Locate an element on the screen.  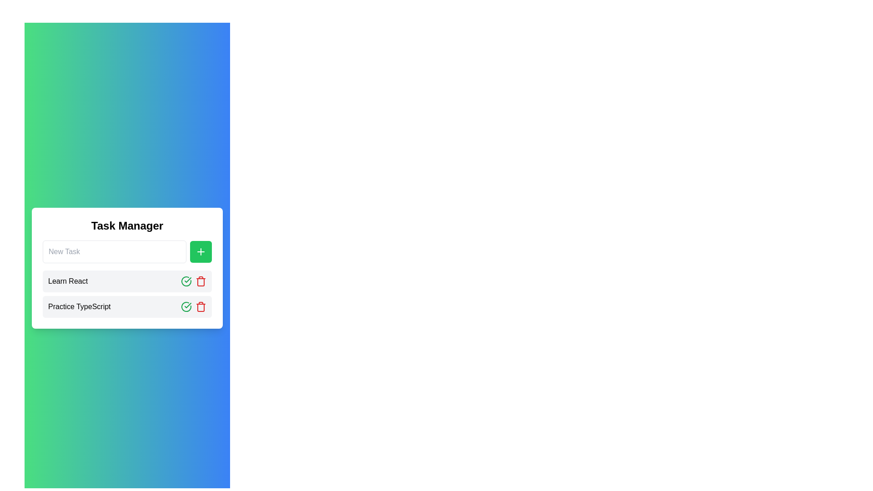
the confirmation icon located to the immediate right of the 'Learn React' text in the task manager application is located at coordinates (187, 305).